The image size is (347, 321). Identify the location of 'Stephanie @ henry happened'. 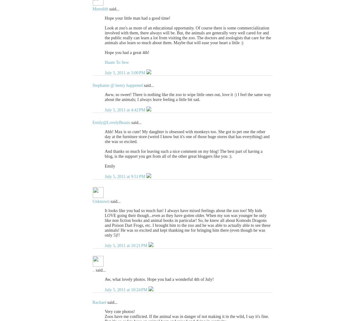
(117, 85).